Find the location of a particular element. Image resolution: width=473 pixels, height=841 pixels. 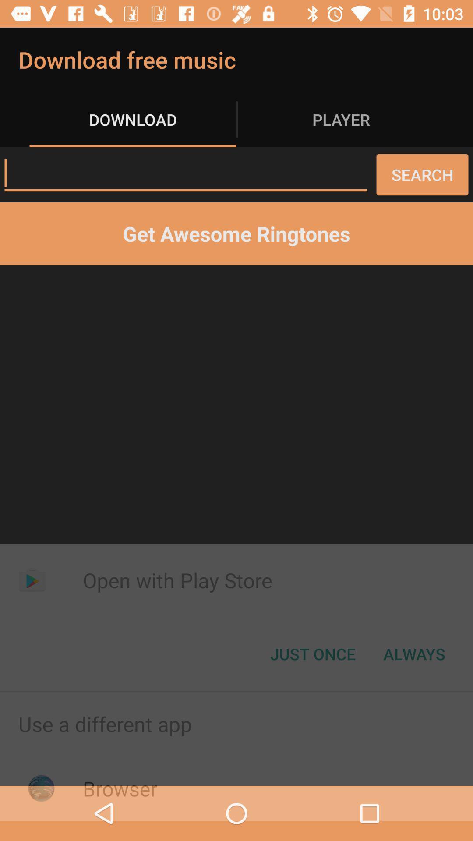

search is located at coordinates (185, 173).